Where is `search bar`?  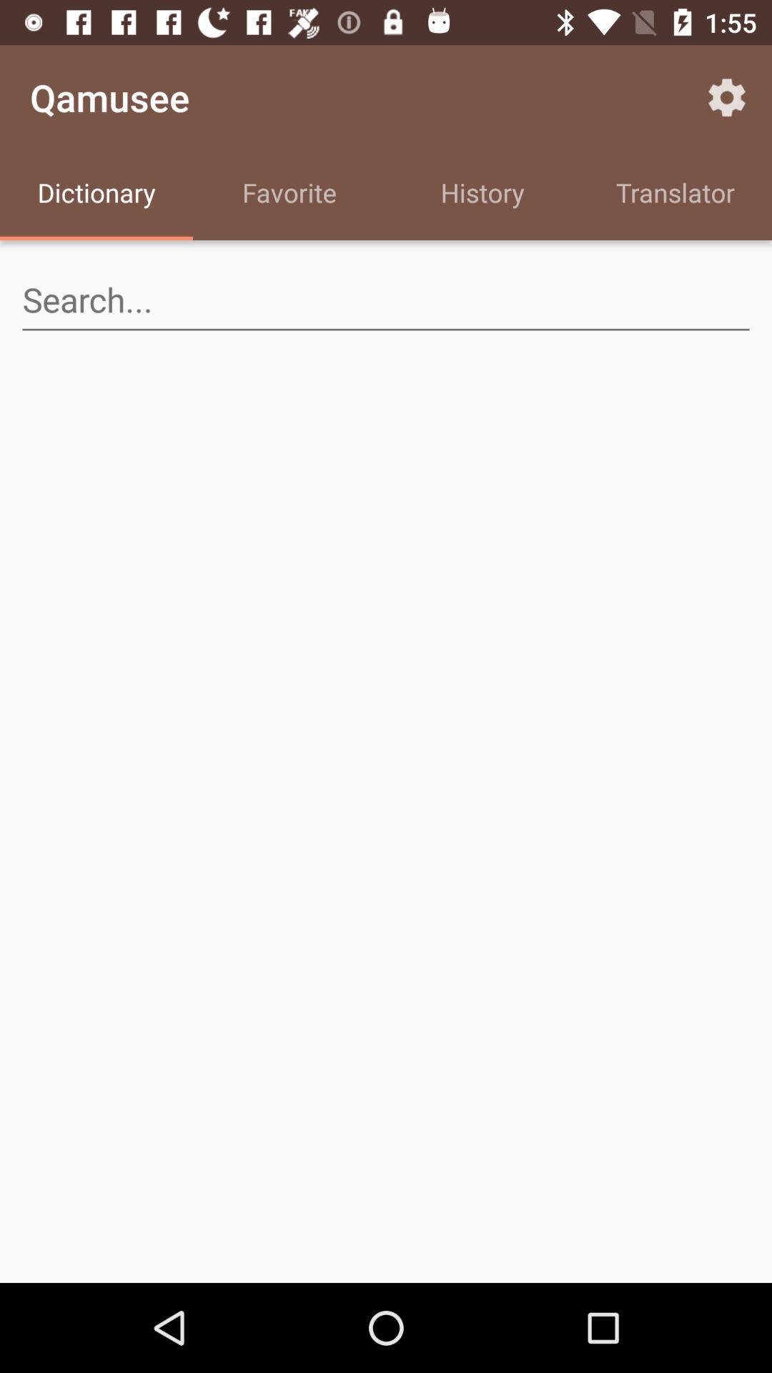 search bar is located at coordinates (386, 300).